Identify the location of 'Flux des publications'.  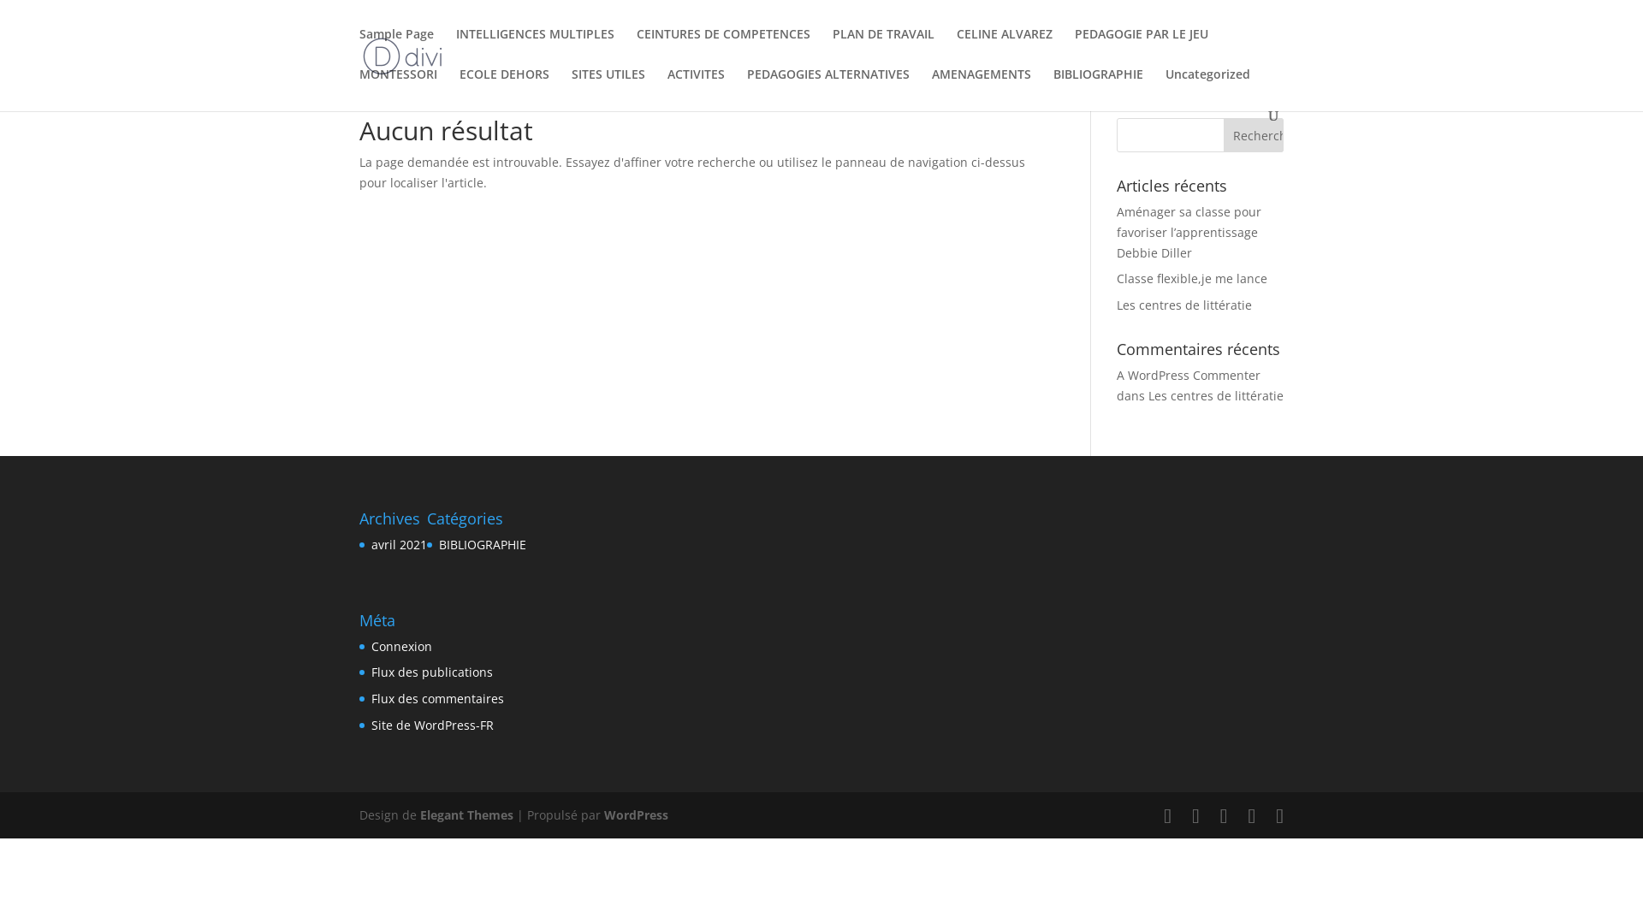
(431, 671).